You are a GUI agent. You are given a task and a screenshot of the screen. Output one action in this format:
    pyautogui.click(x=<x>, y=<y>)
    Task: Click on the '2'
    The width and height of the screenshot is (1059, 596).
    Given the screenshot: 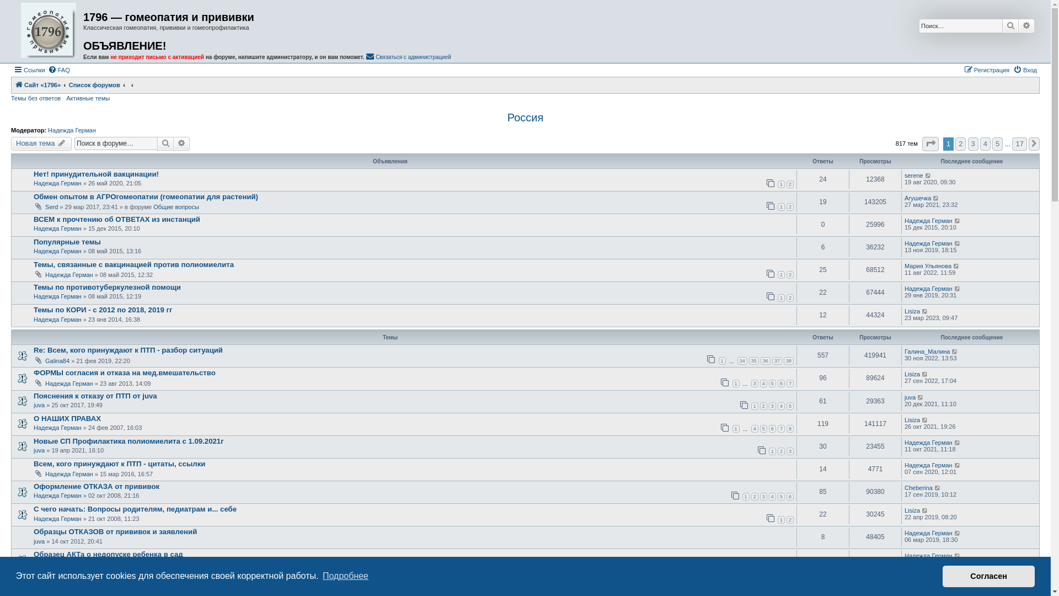 What is the action you would take?
    pyautogui.click(x=789, y=184)
    